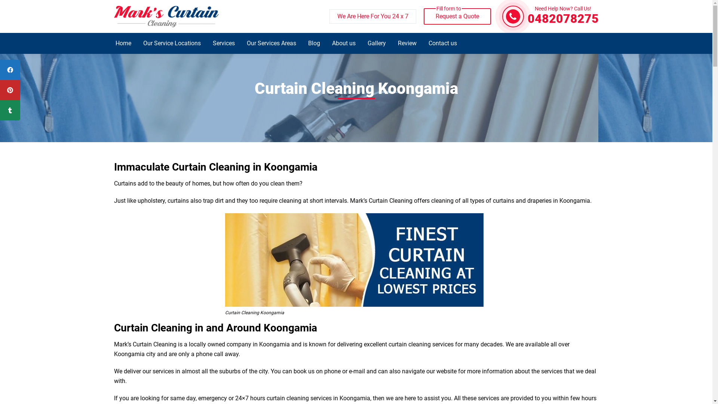 The width and height of the screenshot is (718, 404). Describe the element at coordinates (314, 43) in the screenshot. I see `'Blog'` at that location.